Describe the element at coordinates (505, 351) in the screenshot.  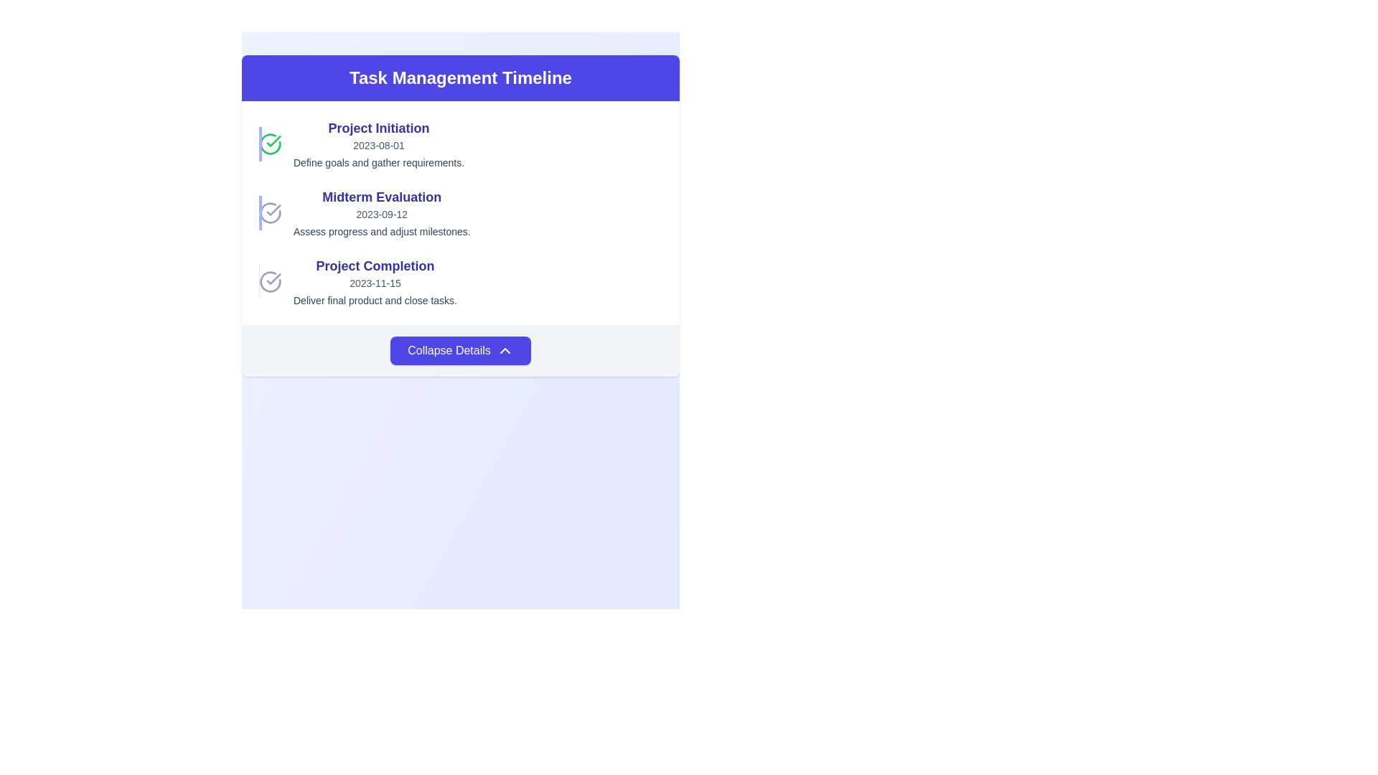
I see `the small upward-pointing chevron icon styled in white with a blue background, located next to the 'Collapse Details' text on the button` at that location.